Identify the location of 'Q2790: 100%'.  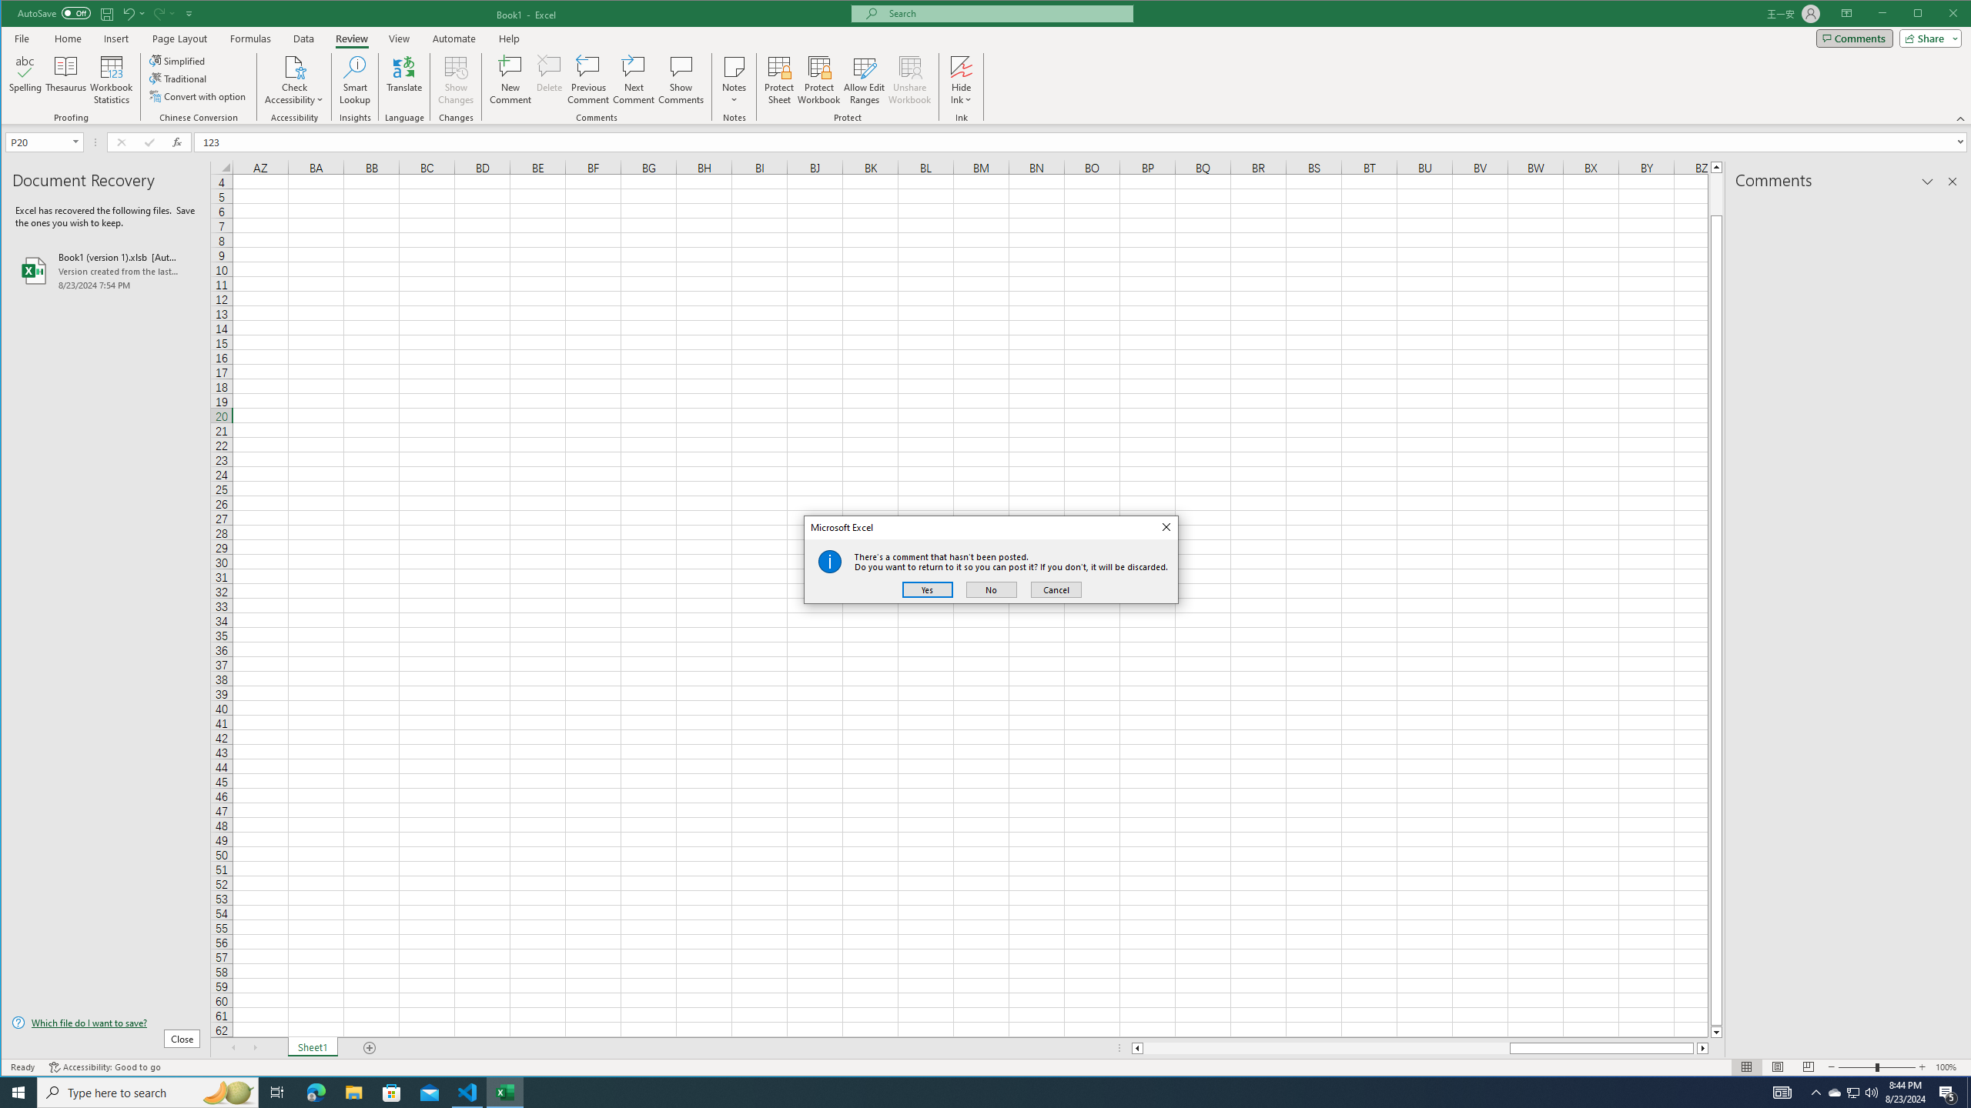
(1870, 1091).